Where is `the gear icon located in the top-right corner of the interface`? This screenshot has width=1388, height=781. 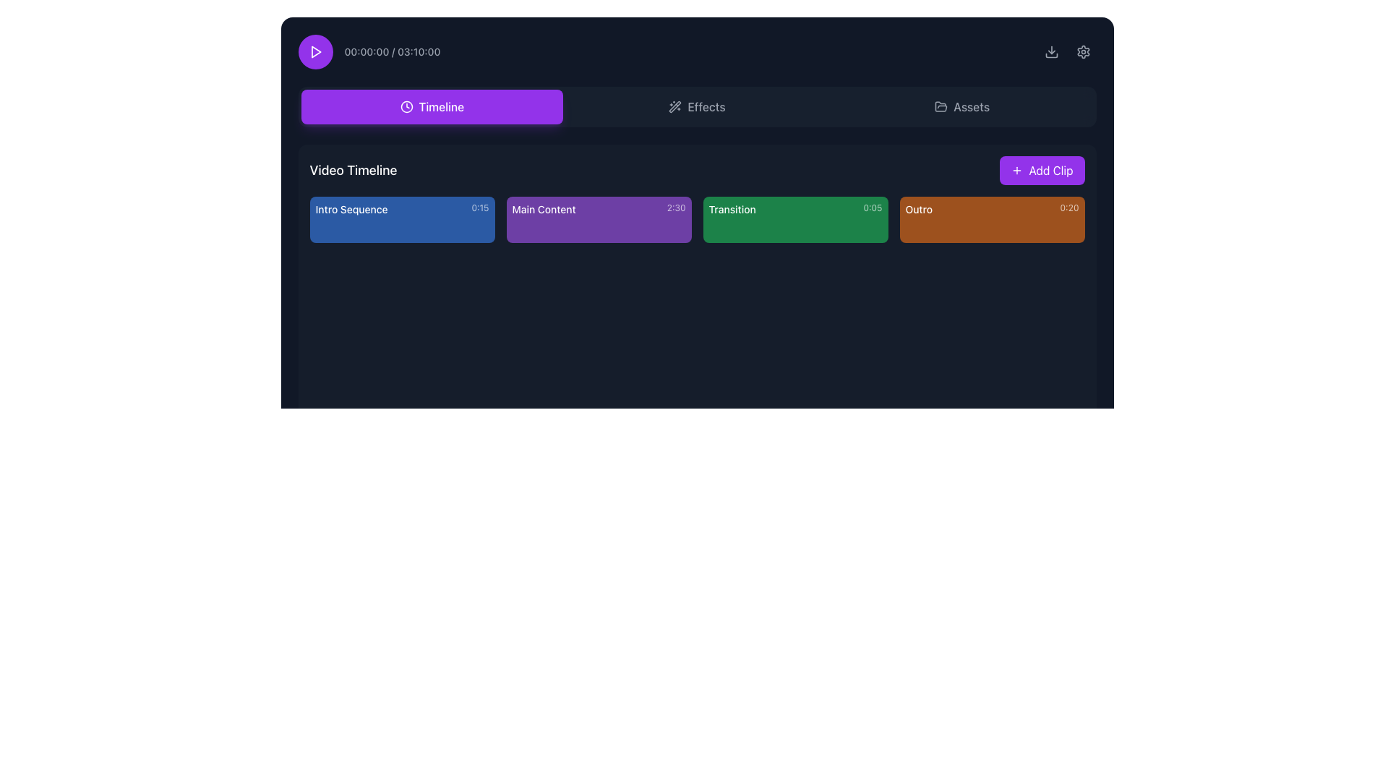 the gear icon located in the top-right corner of the interface is located at coordinates (1083, 51).